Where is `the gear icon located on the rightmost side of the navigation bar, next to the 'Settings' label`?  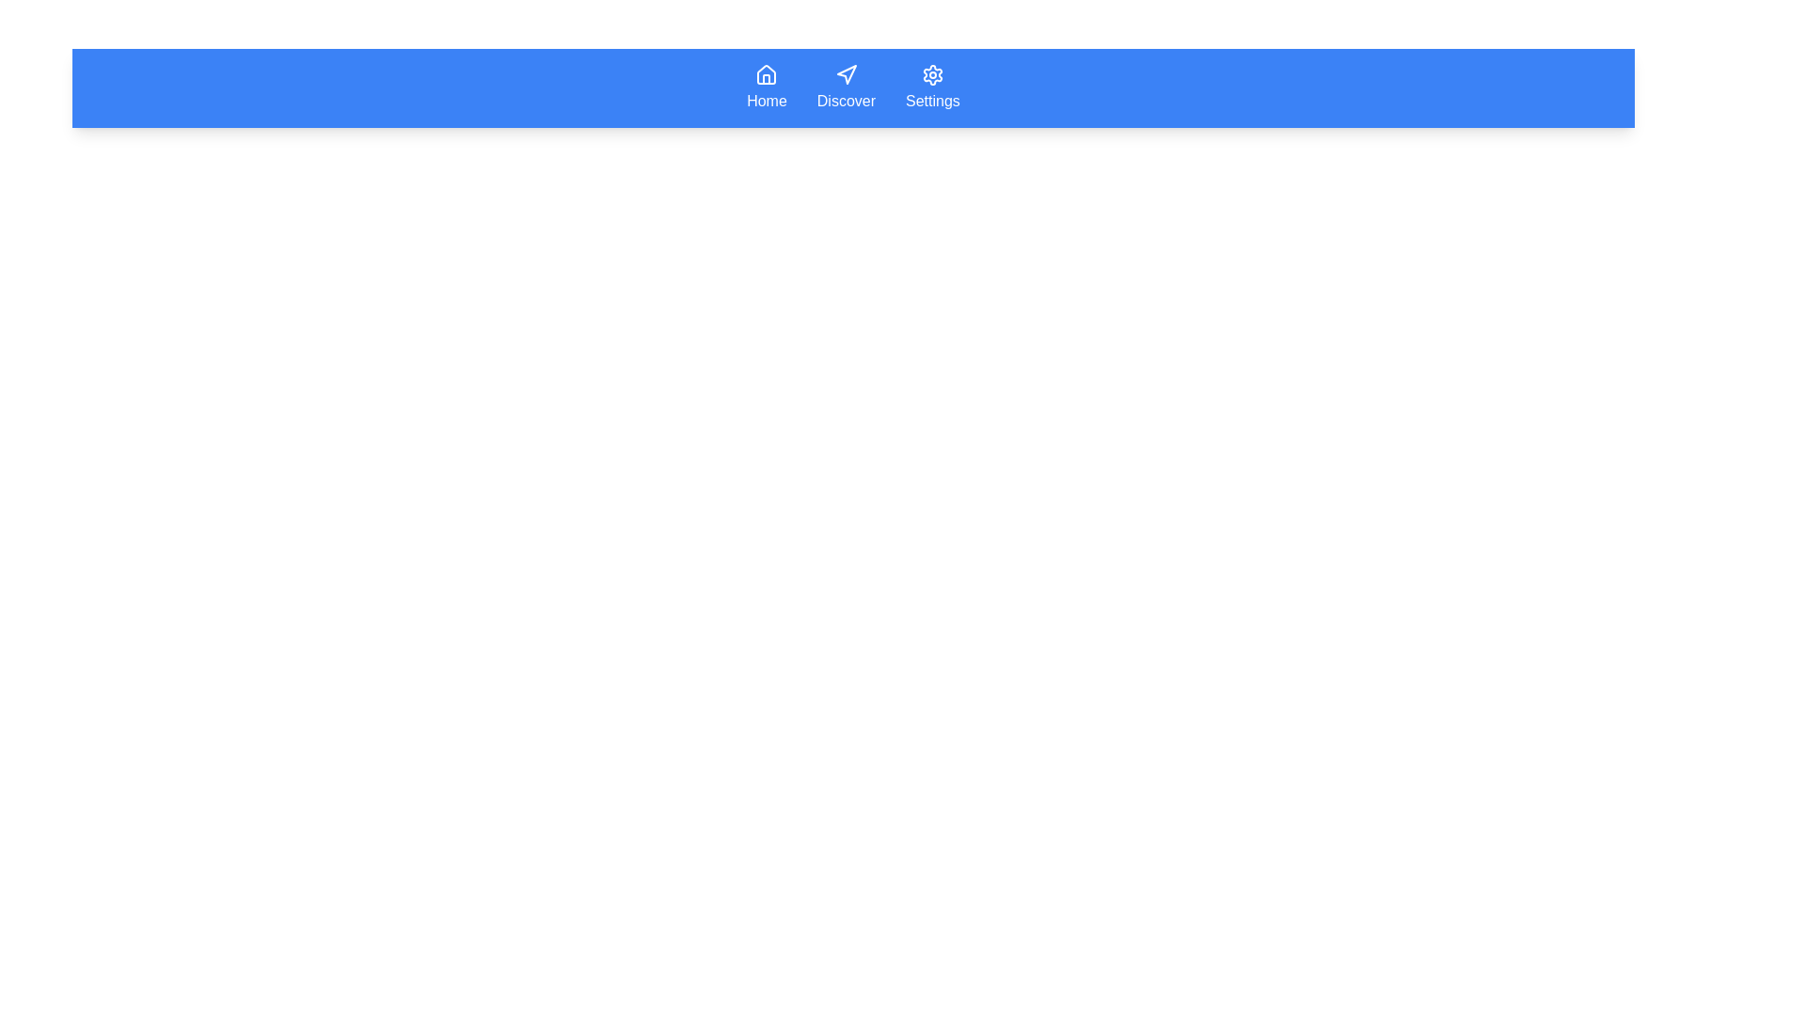
the gear icon located on the rightmost side of the navigation bar, next to the 'Settings' label is located at coordinates (932, 74).